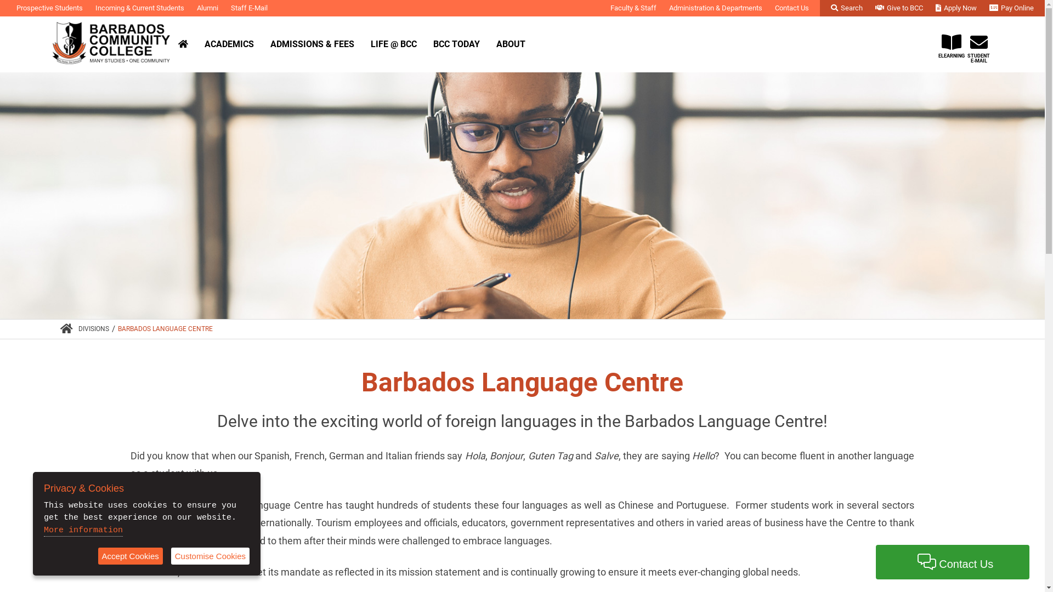  What do you see at coordinates (139, 8) in the screenshot?
I see `'Incoming & Current Students'` at bounding box center [139, 8].